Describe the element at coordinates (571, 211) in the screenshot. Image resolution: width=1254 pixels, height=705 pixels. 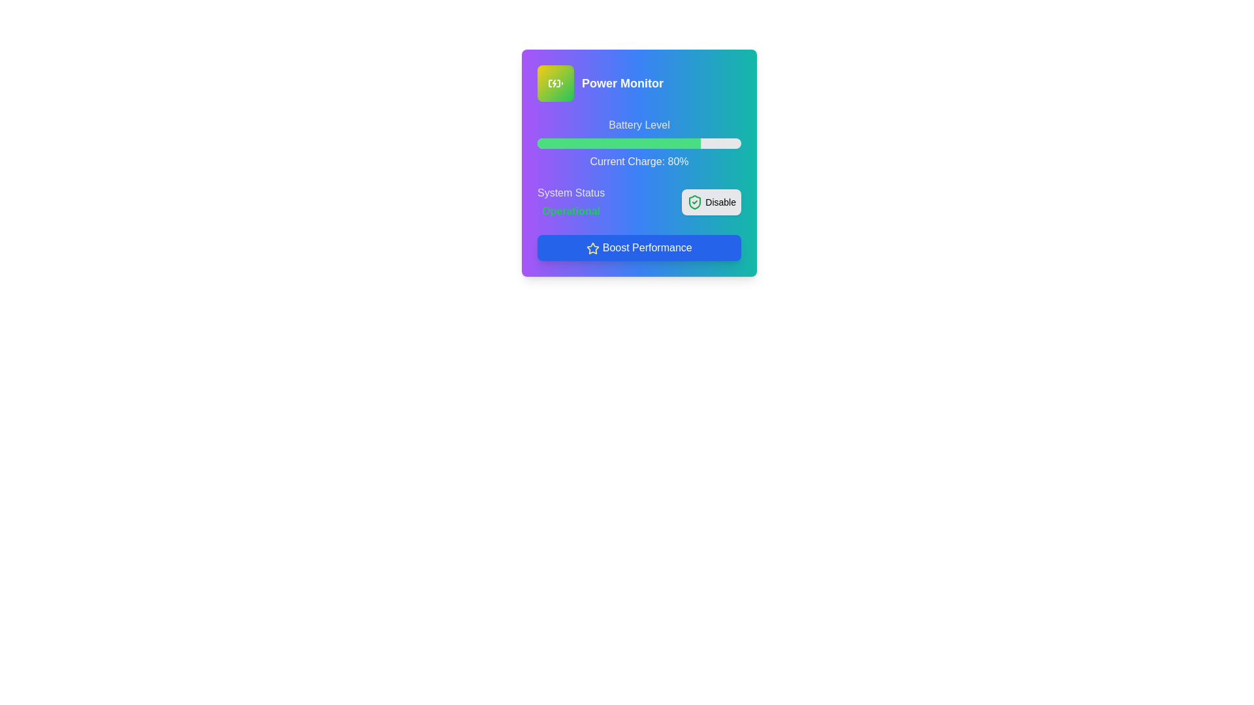
I see `the static text label that displays the current operational status, located in the 'System Status' section and aligned below the corresponding label text` at that location.